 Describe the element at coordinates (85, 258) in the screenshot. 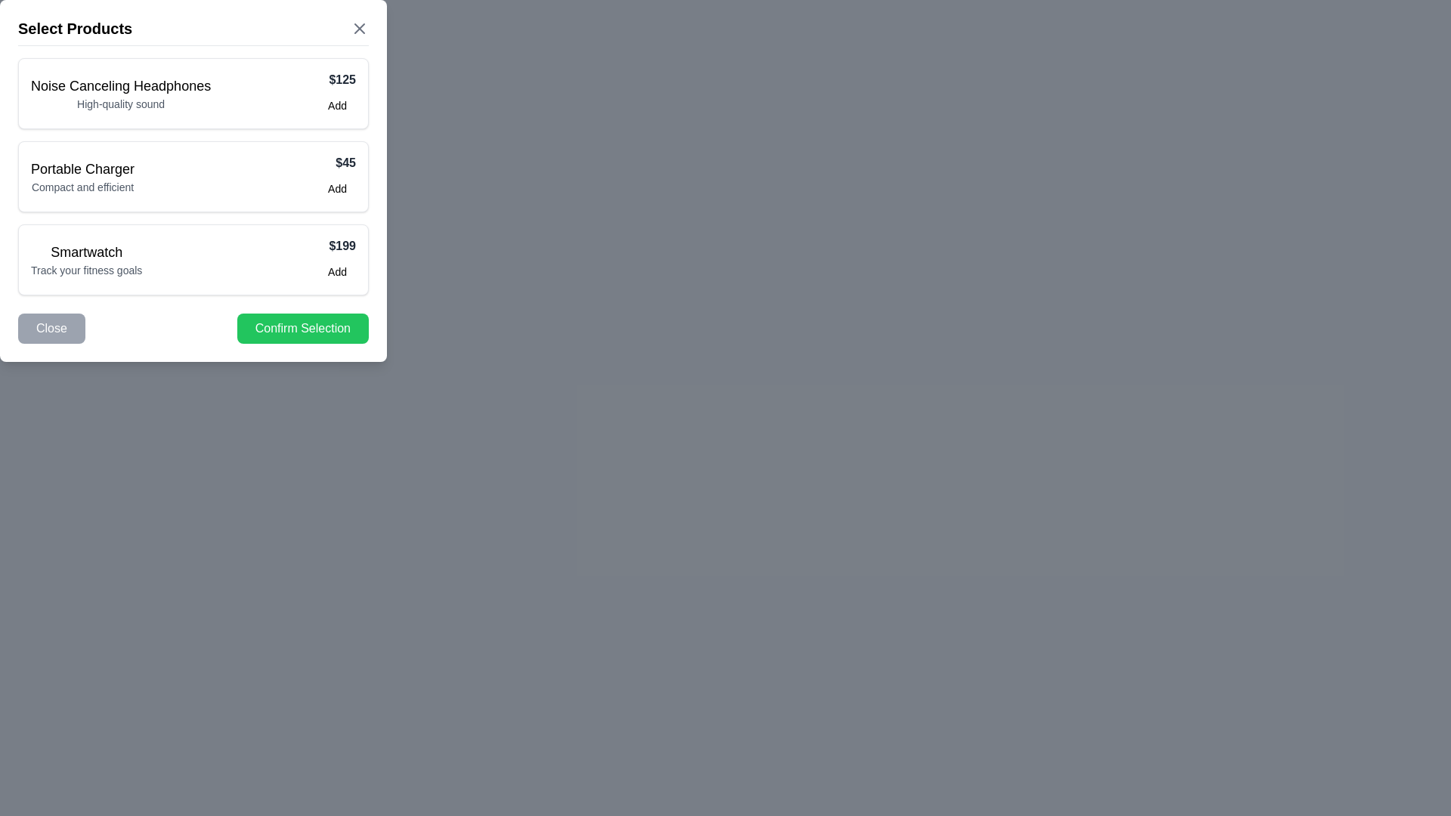

I see `the Text block displaying the name and description of the product 'Smartwatch' located below the headline text in the third product listing of the 'Select Products' modal` at that location.